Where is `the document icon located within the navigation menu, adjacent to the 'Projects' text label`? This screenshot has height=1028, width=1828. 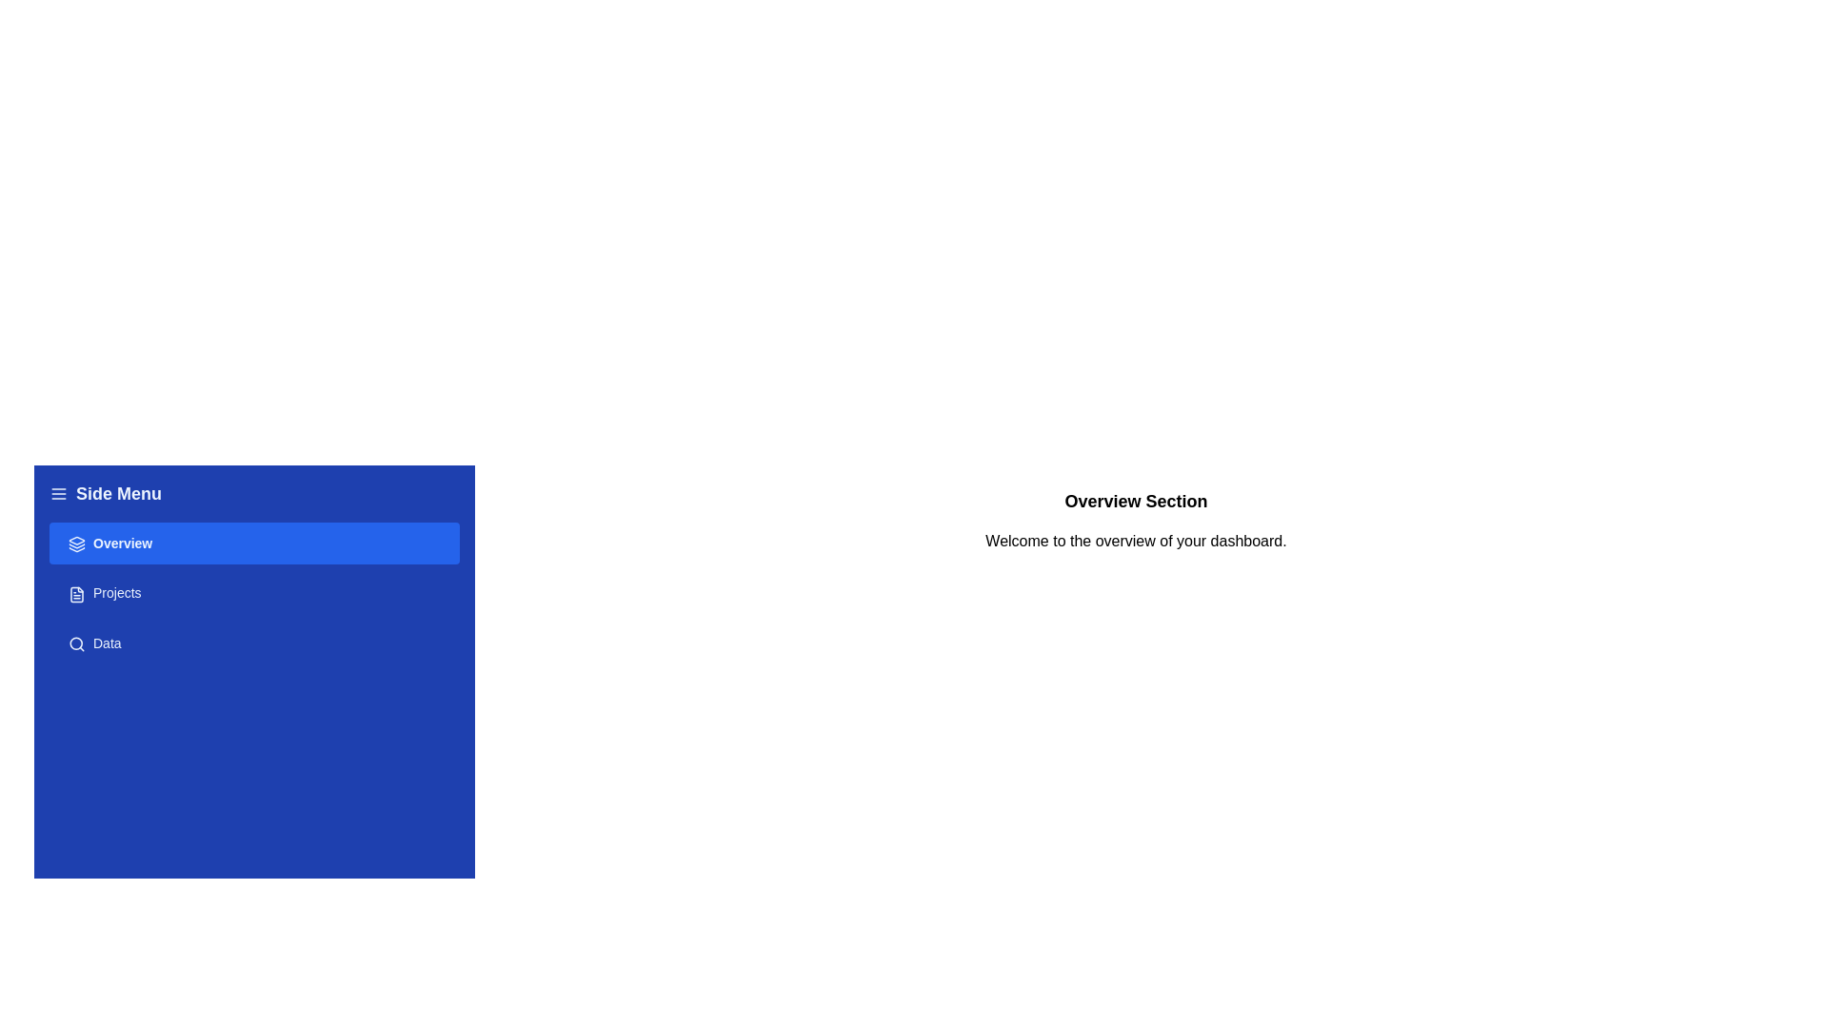
the document icon located within the navigation menu, adjacent to the 'Projects' text label is located at coordinates (76, 593).